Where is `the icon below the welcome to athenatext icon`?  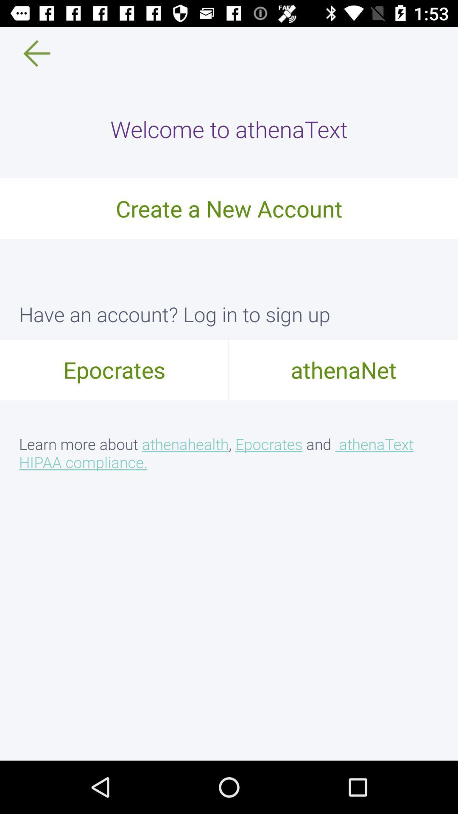
the icon below the welcome to athenatext icon is located at coordinates (229, 208).